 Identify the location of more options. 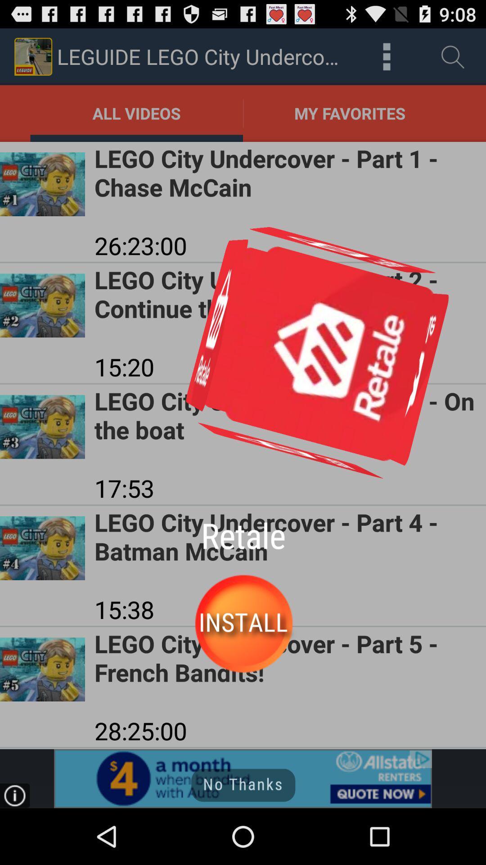
(386, 56).